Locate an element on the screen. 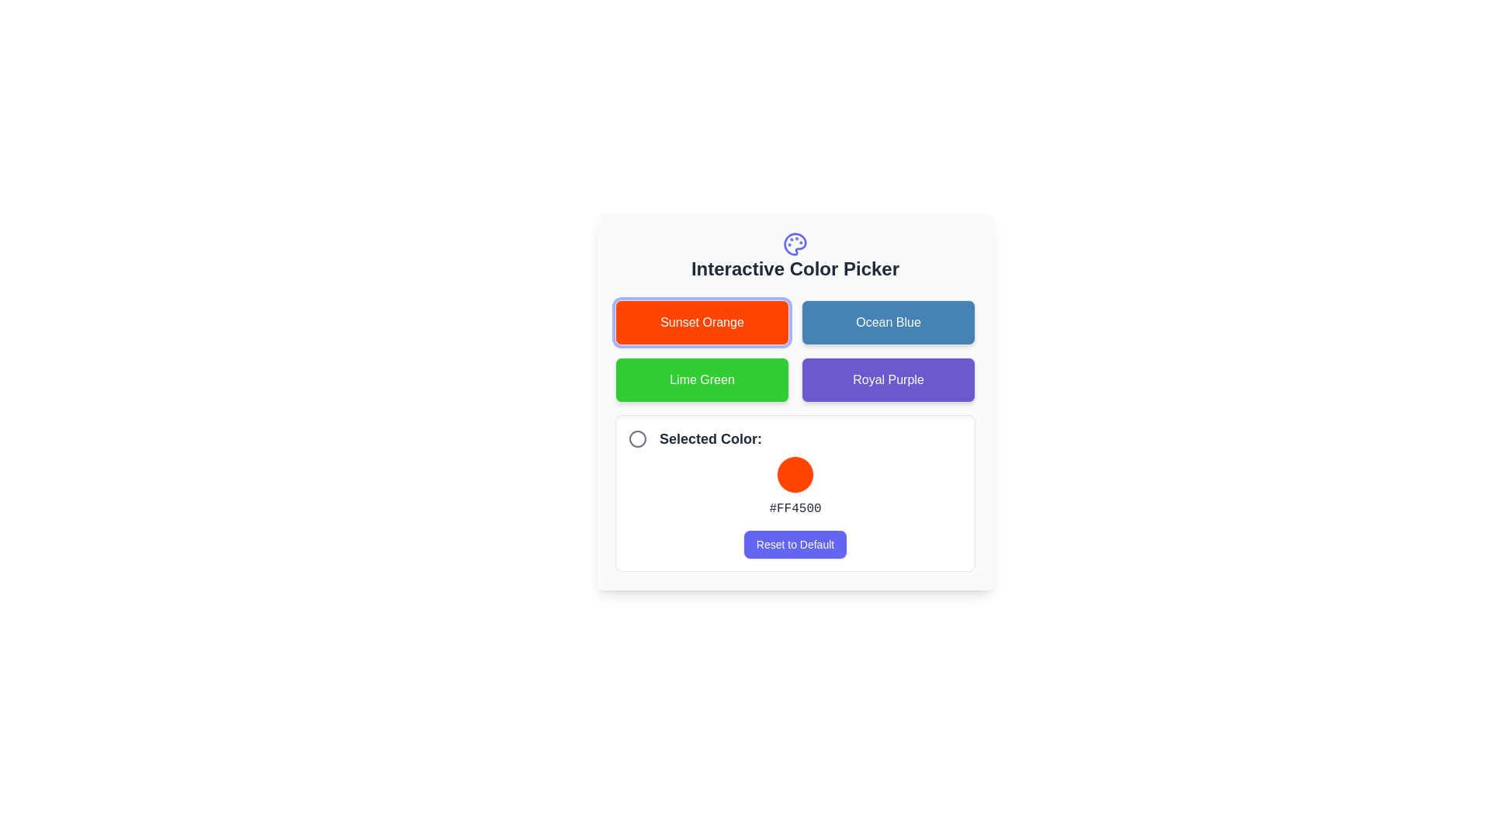  the rectangular button with rounded corners that has a blue background and white text reading 'Reset to Default' is located at coordinates (795, 544).